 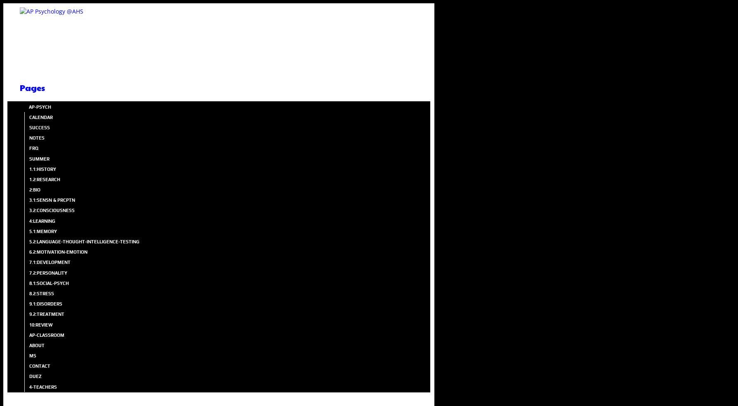 What do you see at coordinates (41, 324) in the screenshot?
I see `'10:REVIEW'` at bounding box center [41, 324].